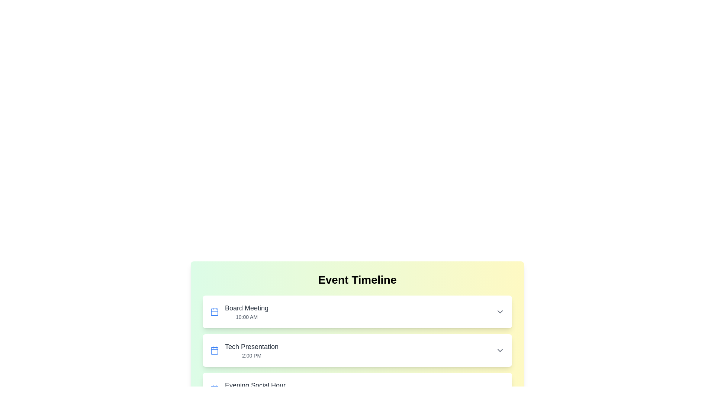  I want to click on the calendar icon with a blue outline for the 'Tech Presentation' event, which is the first component in the list item and aligned with the text's vertical center, so click(214, 351).